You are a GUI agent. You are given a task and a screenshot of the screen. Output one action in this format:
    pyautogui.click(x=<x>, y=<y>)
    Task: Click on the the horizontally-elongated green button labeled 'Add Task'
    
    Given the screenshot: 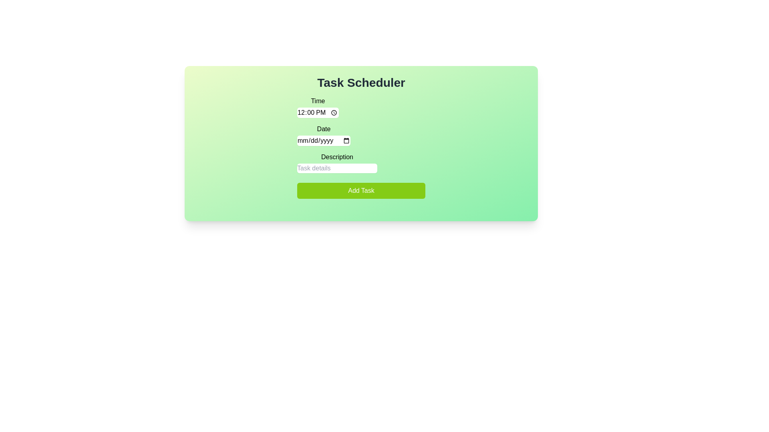 What is the action you would take?
    pyautogui.click(x=361, y=191)
    